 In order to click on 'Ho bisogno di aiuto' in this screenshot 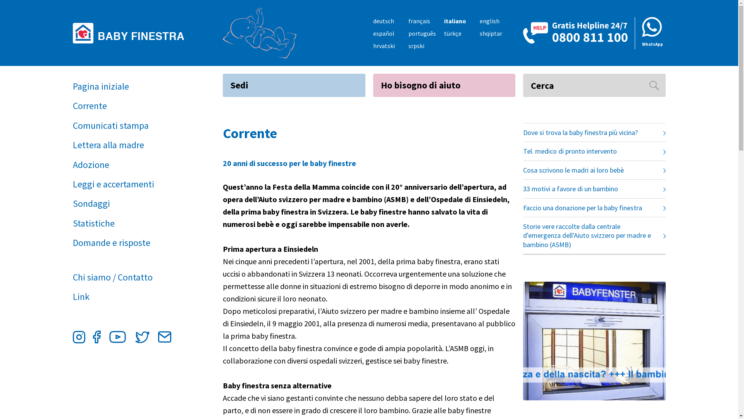, I will do `click(444, 85)`.